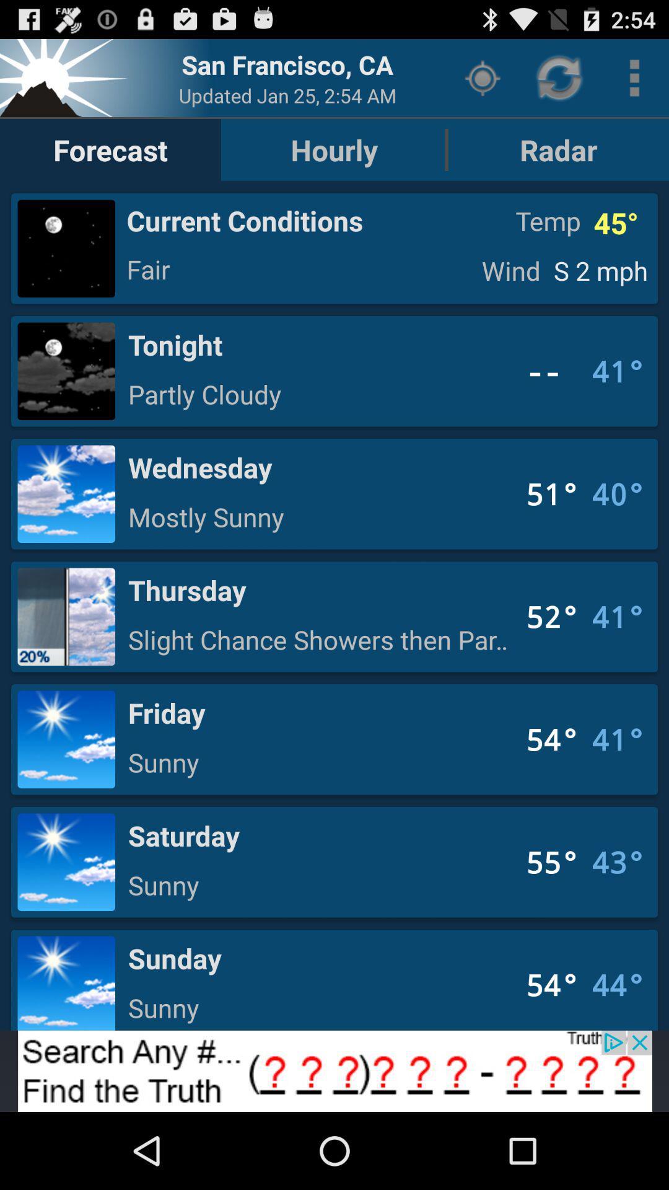  I want to click on try this website, so click(334, 1070).